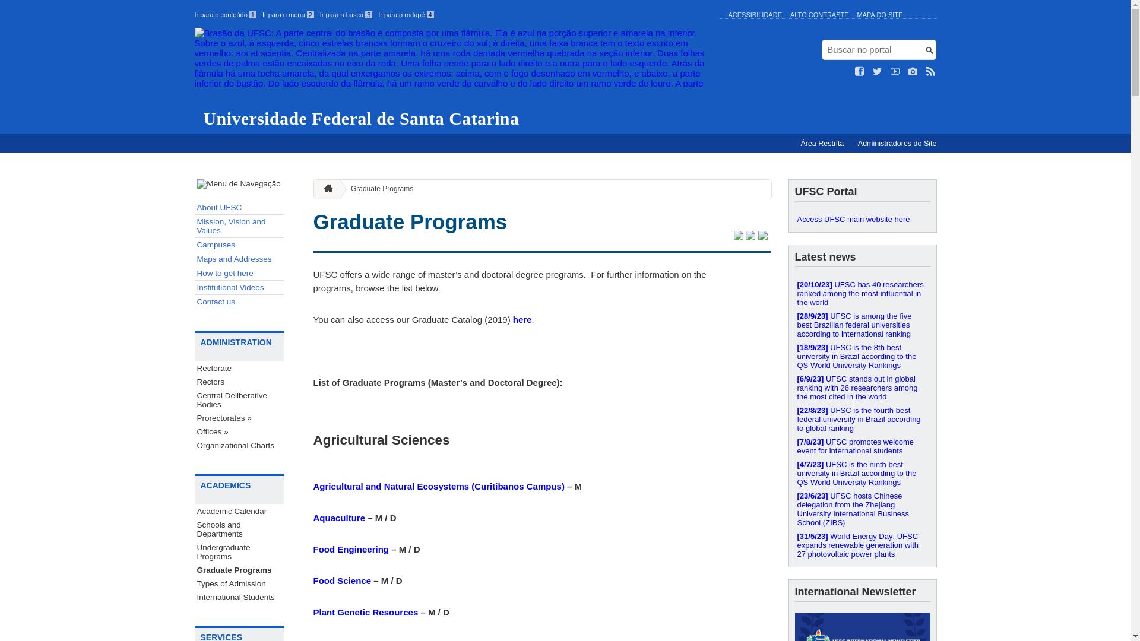 This screenshot has width=1140, height=641. What do you see at coordinates (239, 207) in the screenshot?
I see `'About UFSC'` at bounding box center [239, 207].